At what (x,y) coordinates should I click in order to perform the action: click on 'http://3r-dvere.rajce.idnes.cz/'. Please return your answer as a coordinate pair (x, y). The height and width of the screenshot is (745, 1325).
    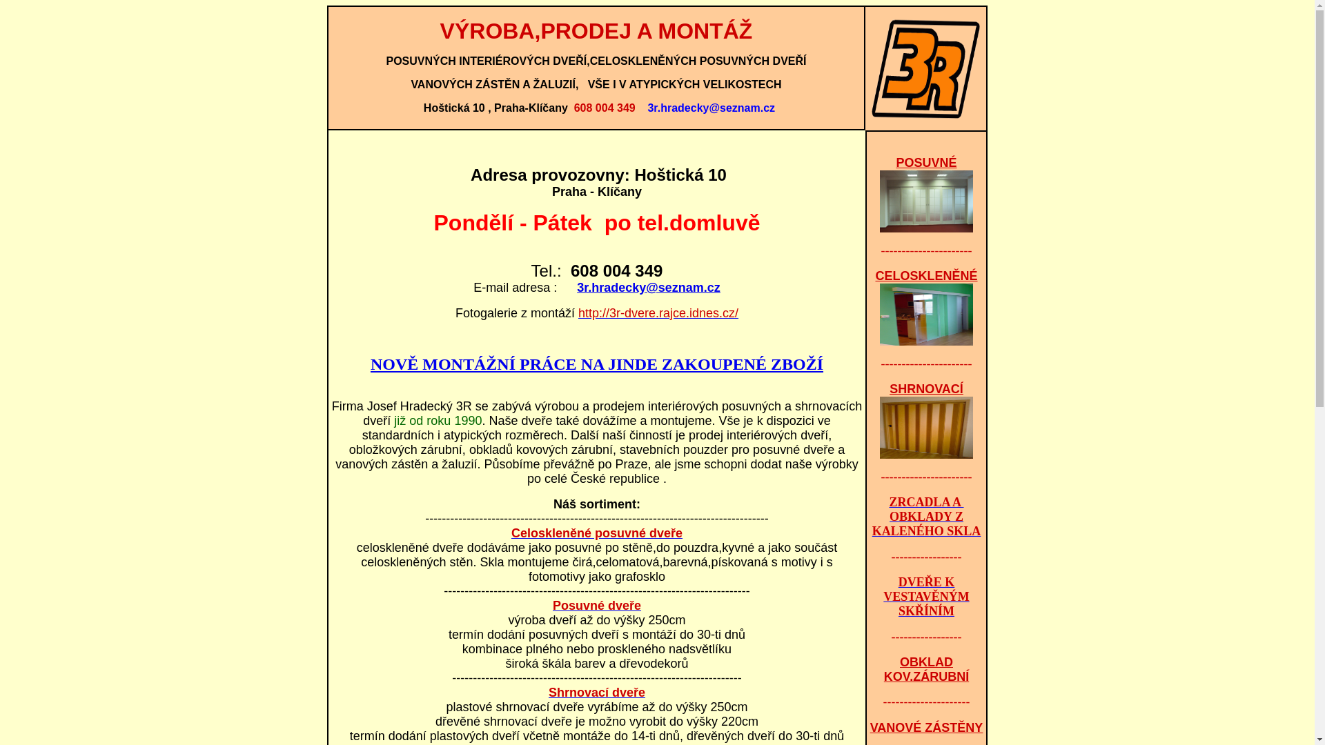
    Looking at the image, I should click on (578, 313).